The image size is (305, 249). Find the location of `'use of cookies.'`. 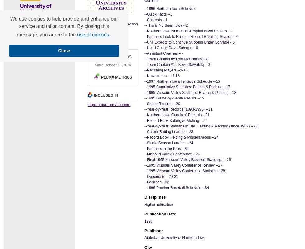

'use of cookies.' is located at coordinates (93, 34).